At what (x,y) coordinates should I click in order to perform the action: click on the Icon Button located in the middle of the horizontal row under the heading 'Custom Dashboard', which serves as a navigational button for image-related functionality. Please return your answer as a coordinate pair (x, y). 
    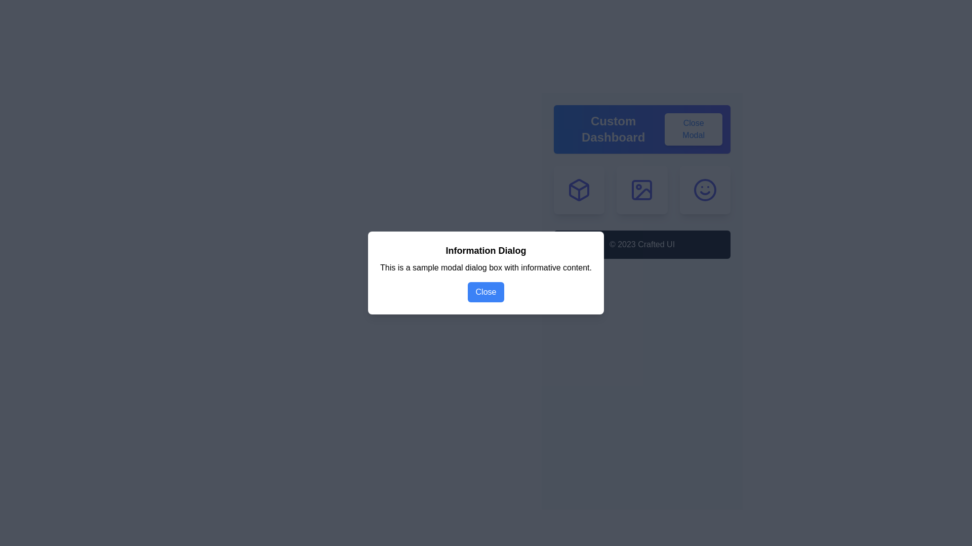
    Looking at the image, I should click on (641, 190).